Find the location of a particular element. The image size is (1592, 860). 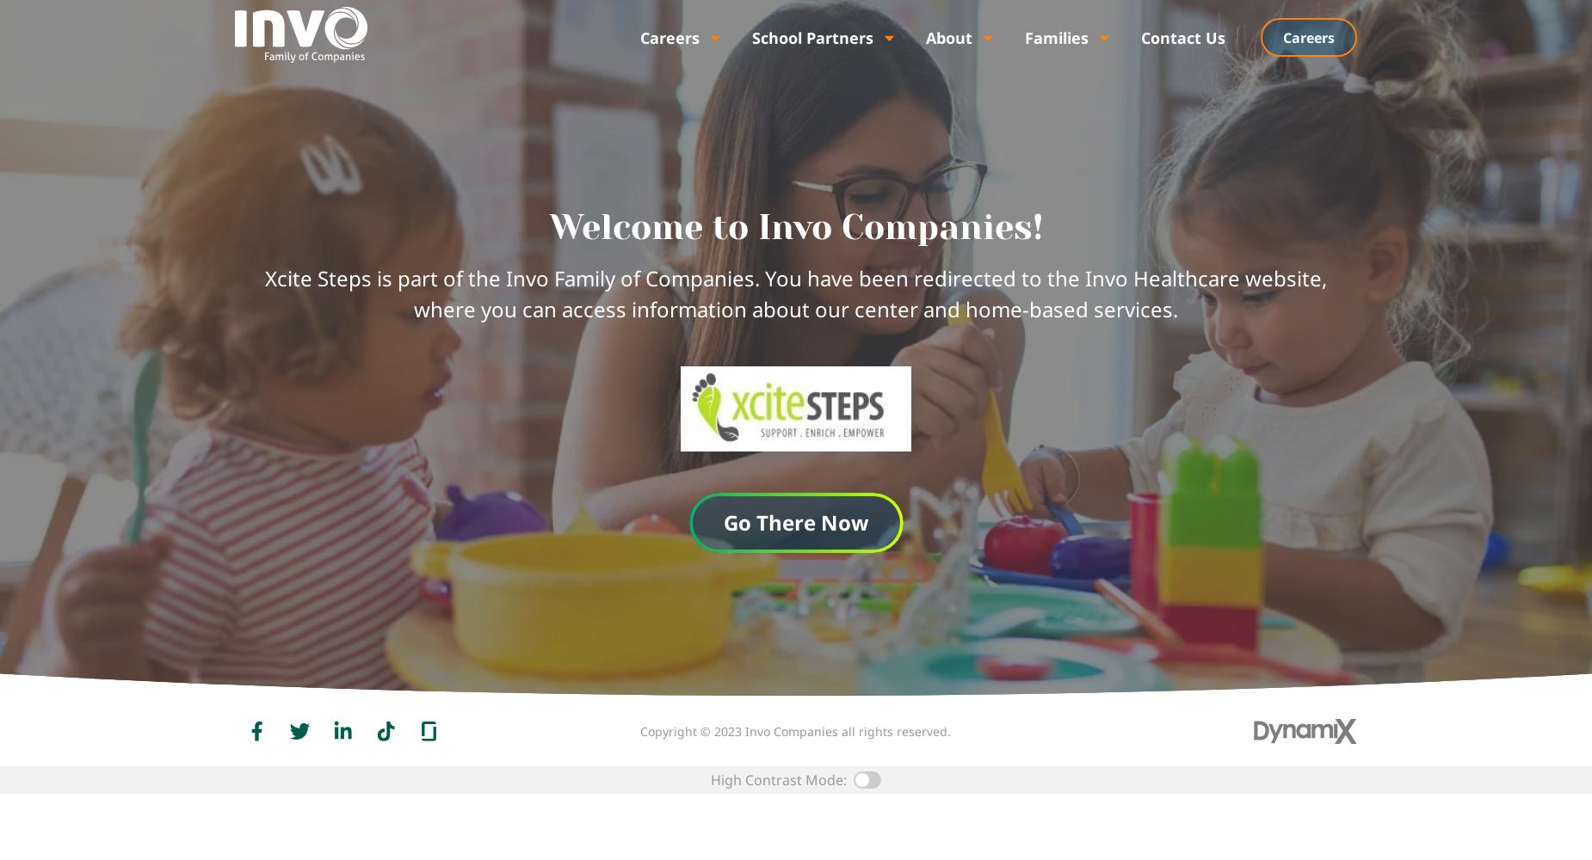

'Culture' is located at coordinates (645, 67).